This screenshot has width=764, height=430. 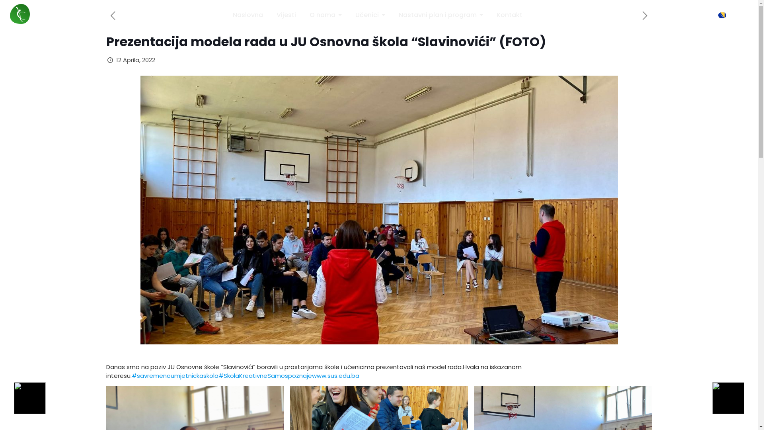 I want to click on 'Vijesti', so click(x=277, y=15).